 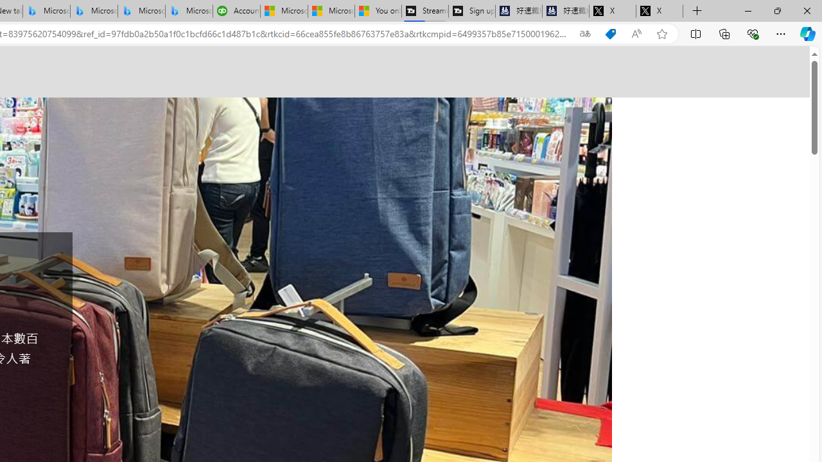 I want to click on 'Copilot (Ctrl+Shift+.)', so click(x=807, y=33).